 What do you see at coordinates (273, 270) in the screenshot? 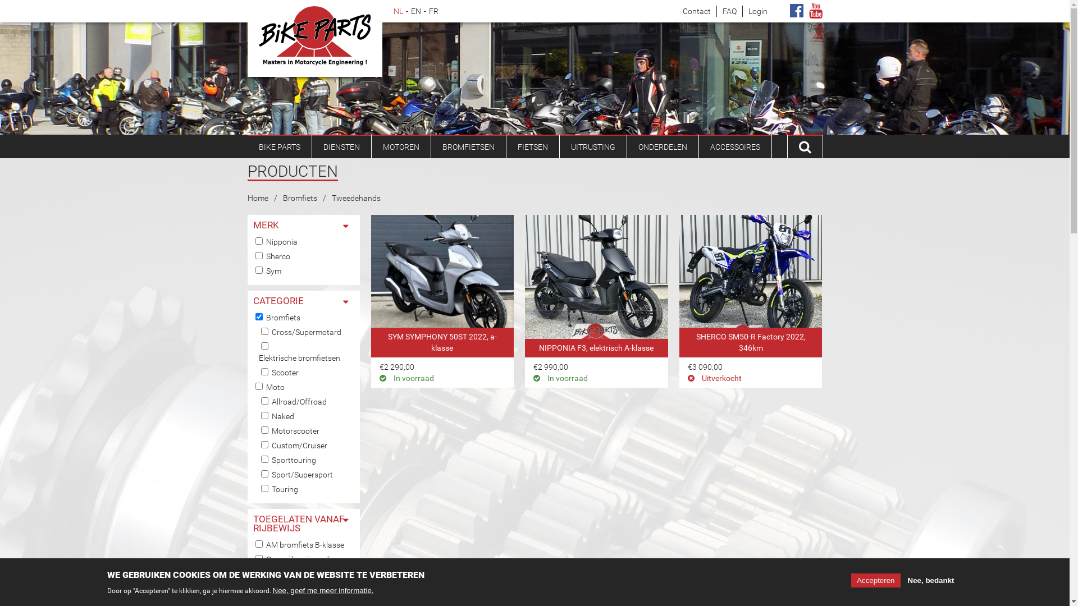
I see `'Sym` at bounding box center [273, 270].